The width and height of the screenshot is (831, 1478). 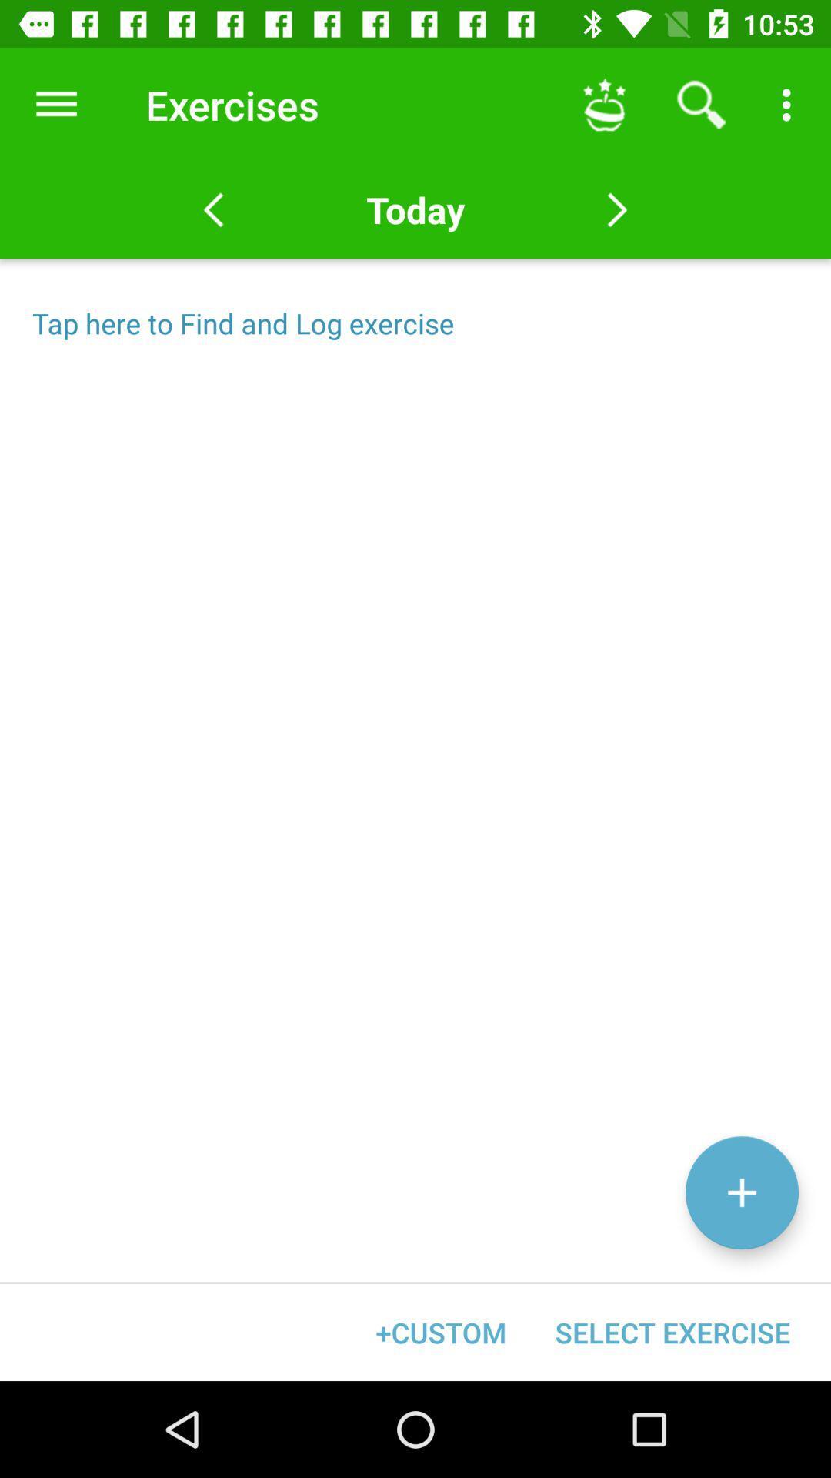 I want to click on the arrow_forward icon, so click(x=616, y=209).